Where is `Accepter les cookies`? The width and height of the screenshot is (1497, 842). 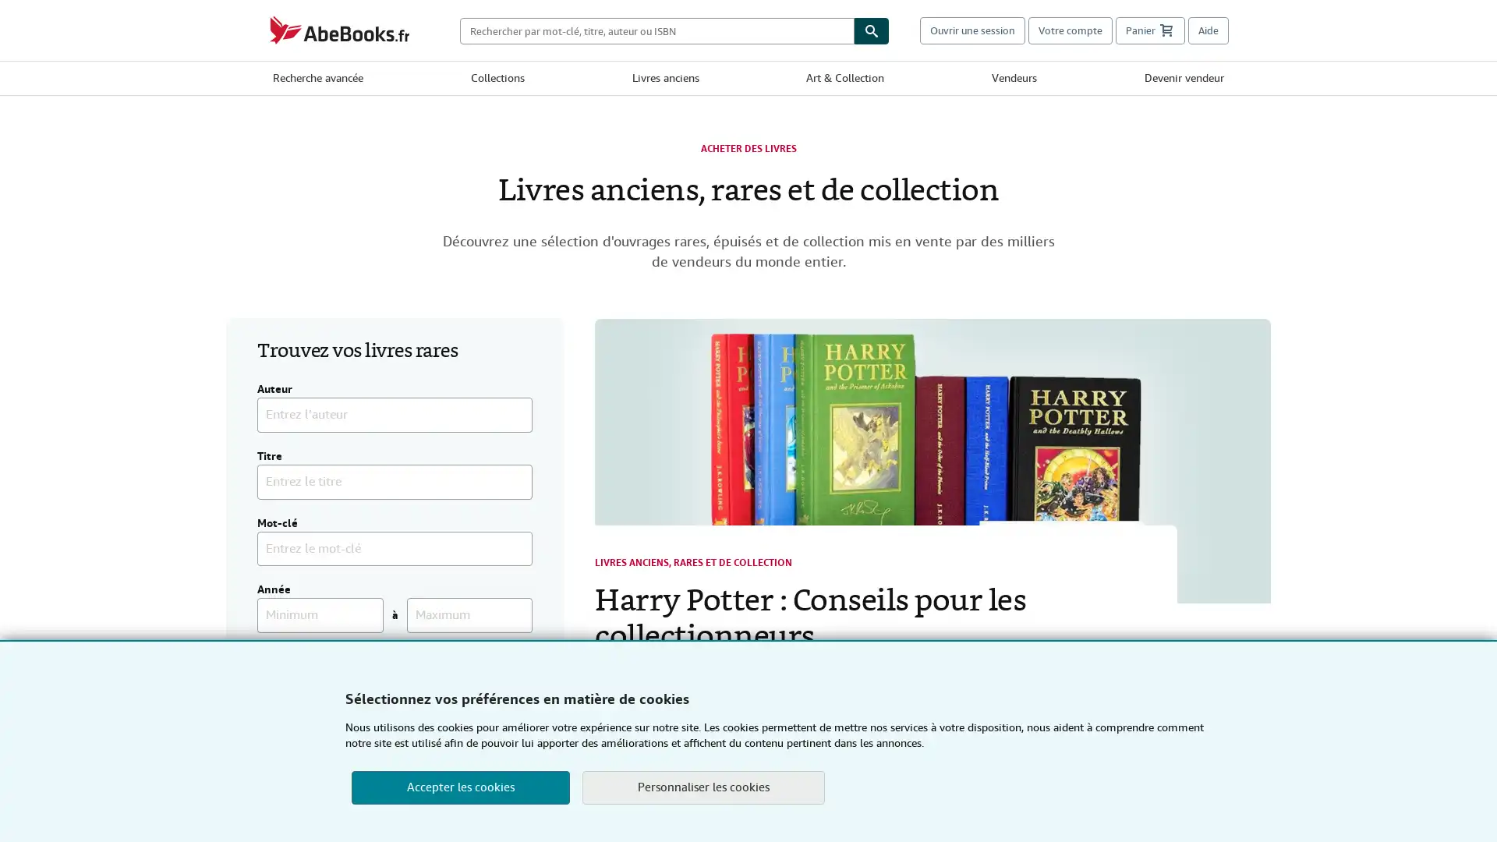
Accepter les cookies is located at coordinates (459, 787).